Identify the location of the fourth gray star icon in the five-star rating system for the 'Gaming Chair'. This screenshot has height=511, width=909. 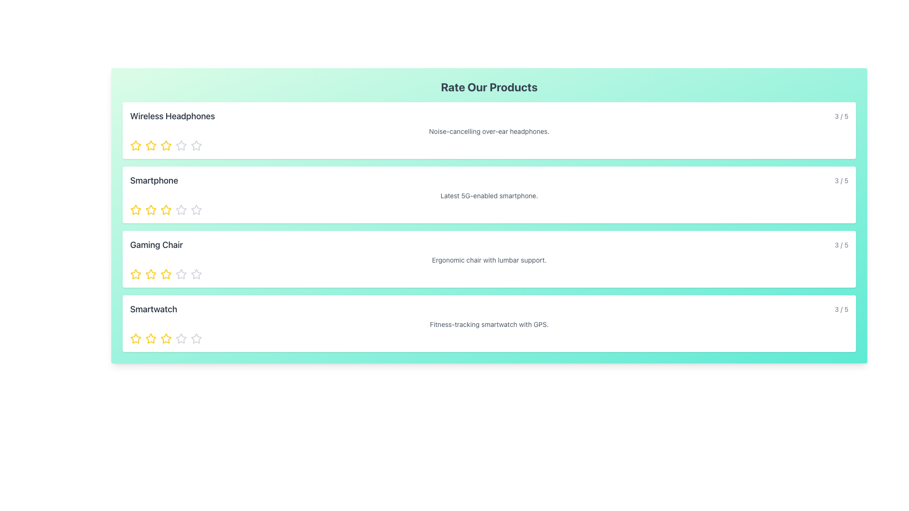
(181, 274).